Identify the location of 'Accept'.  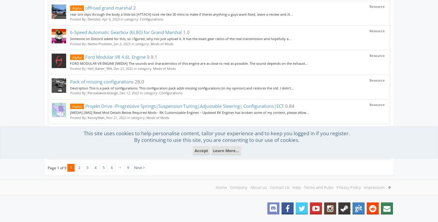
(194, 150).